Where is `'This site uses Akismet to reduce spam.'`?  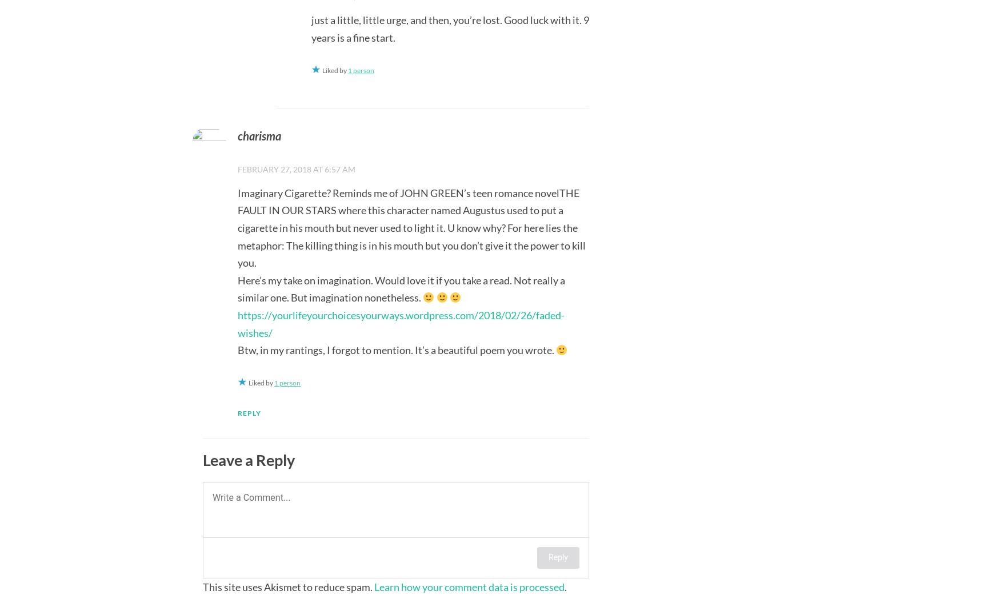
'This site uses Akismet to reduce spam.' is located at coordinates (288, 586).